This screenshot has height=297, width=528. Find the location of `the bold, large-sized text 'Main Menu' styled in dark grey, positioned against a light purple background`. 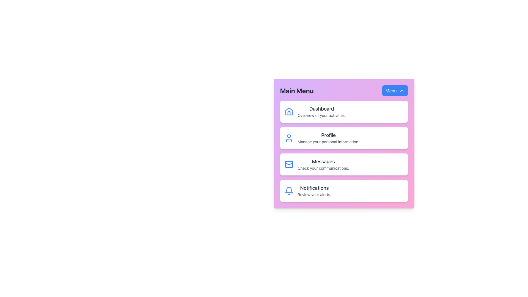

the bold, large-sized text 'Main Menu' styled in dark grey, positioned against a light purple background is located at coordinates (296, 90).